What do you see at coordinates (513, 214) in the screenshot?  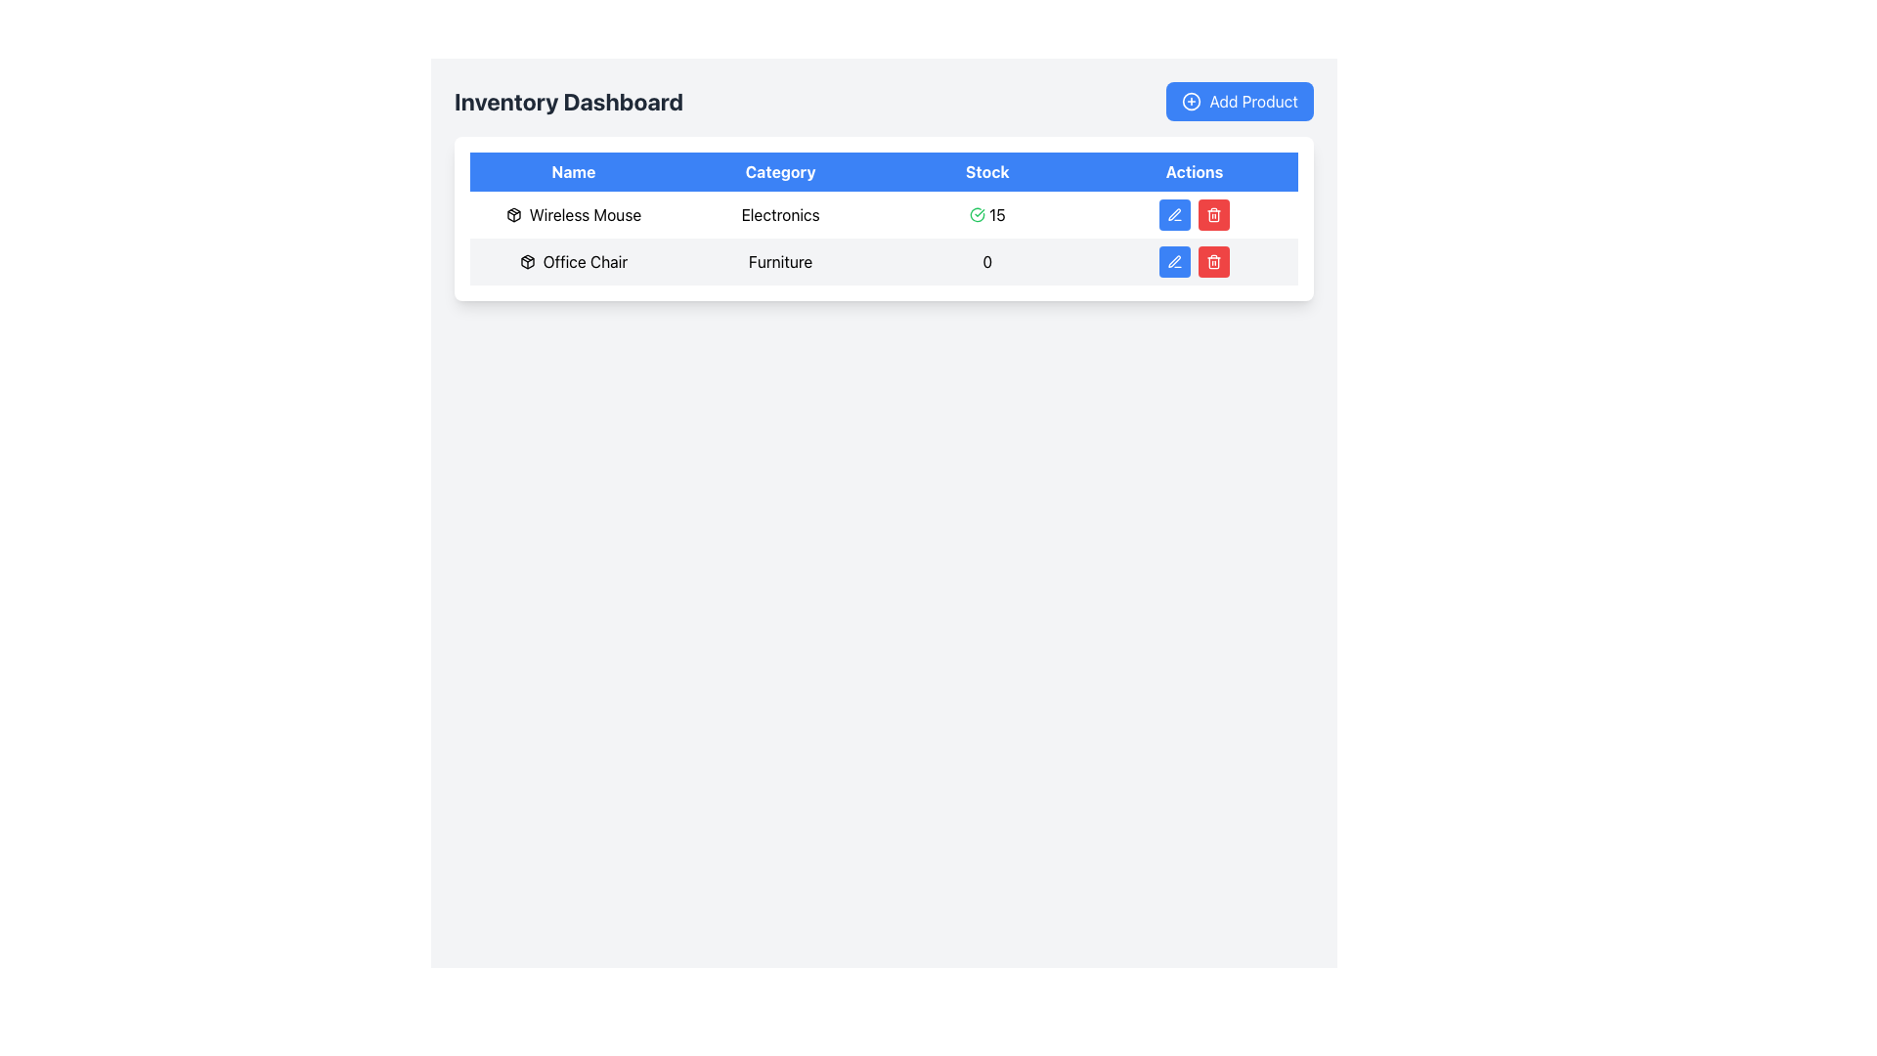 I see `the icon representing the 'Wireless Mouse' in the inventory, located in the first row of the table next to the text 'Wireless Mouse'` at bounding box center [513, 214].